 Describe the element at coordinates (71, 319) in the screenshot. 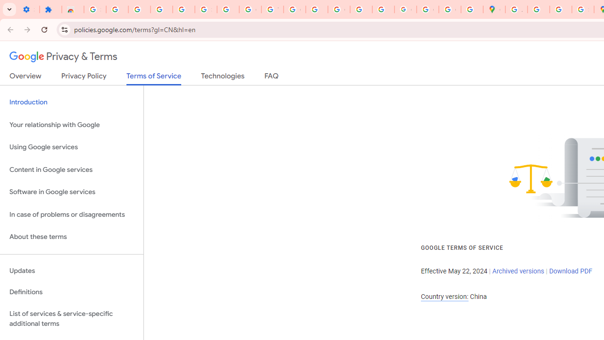

I see `'List of services & service-specific additional terms'` at that location.